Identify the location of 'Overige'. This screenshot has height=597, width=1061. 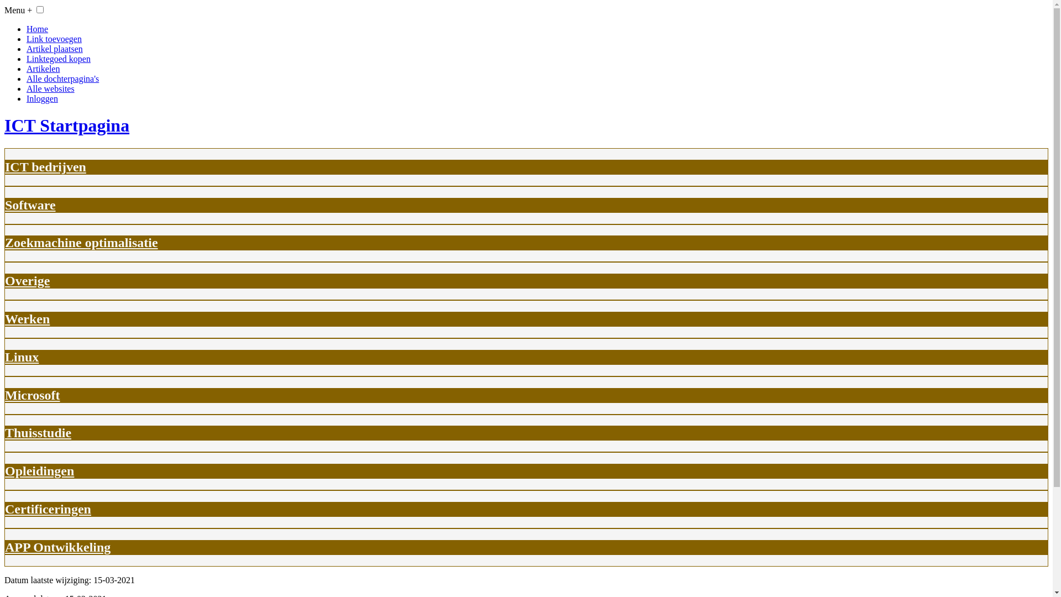
(27, 280).